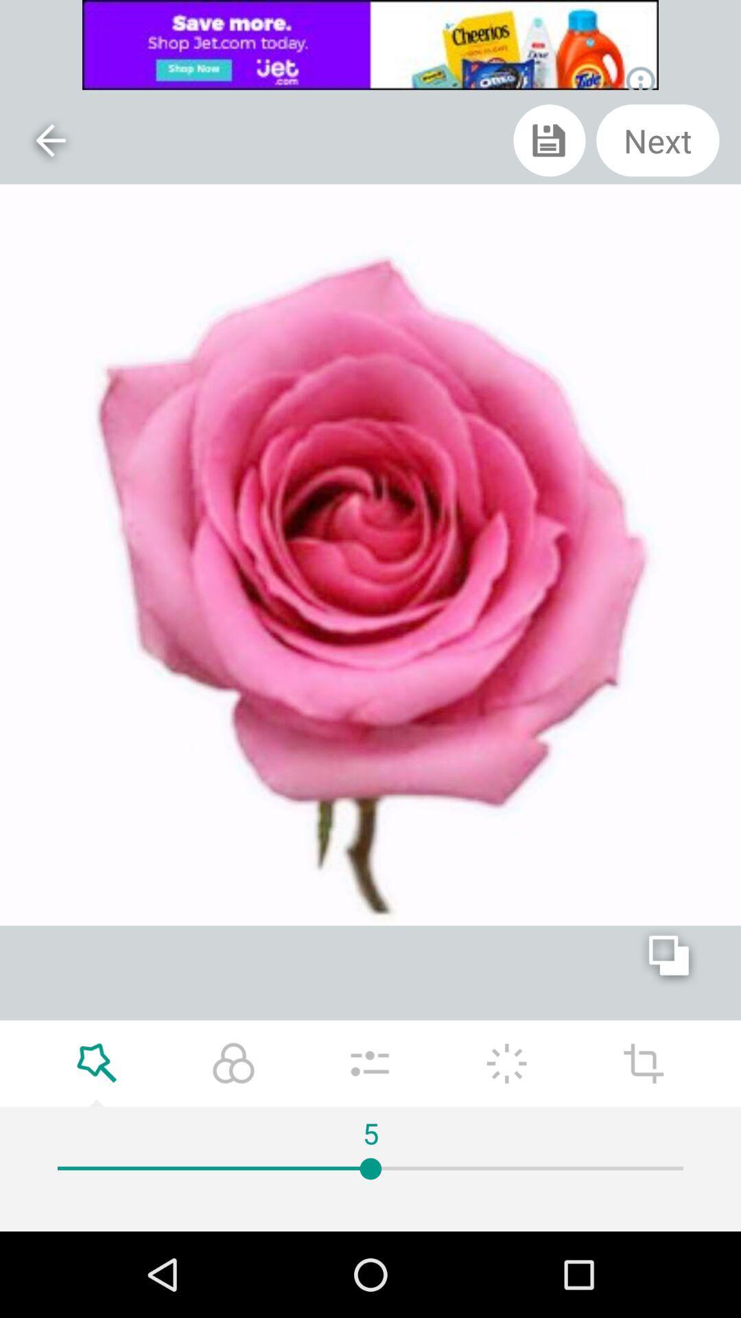 The height and width of the screenshot is (1318, 741). What do you see at coordinates (369, 1063) in the screenshot?
I see `options` at bounding box center [369, 1063].